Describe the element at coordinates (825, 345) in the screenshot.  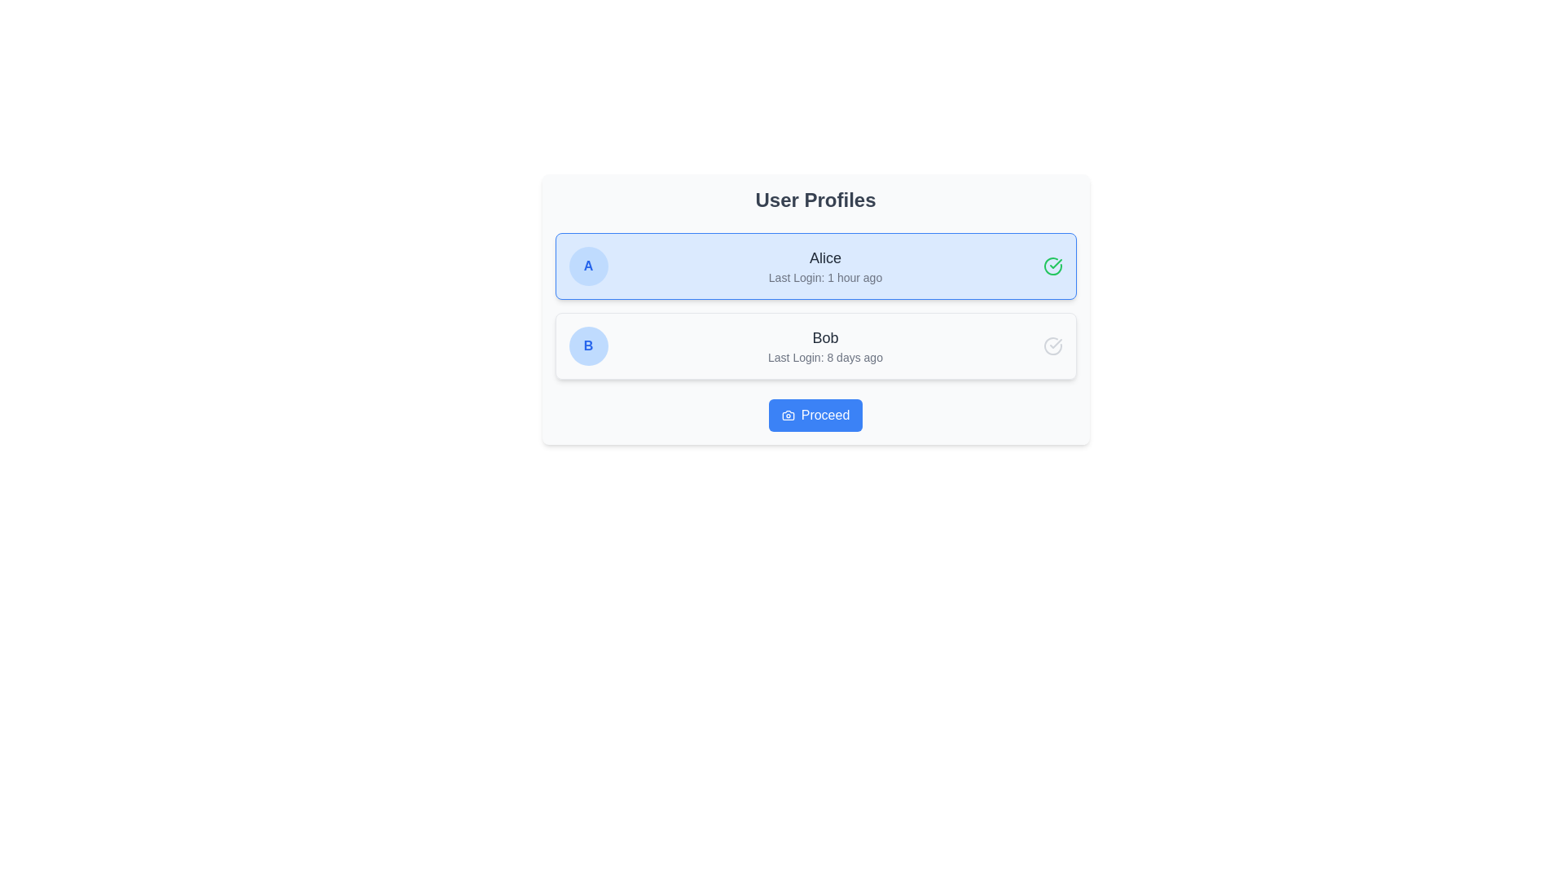
I see `the Text block displaying the user's name and last login time in the second profile card, located to the right of the blue circular icon with 'B' and below Alice's profile card` at that location.